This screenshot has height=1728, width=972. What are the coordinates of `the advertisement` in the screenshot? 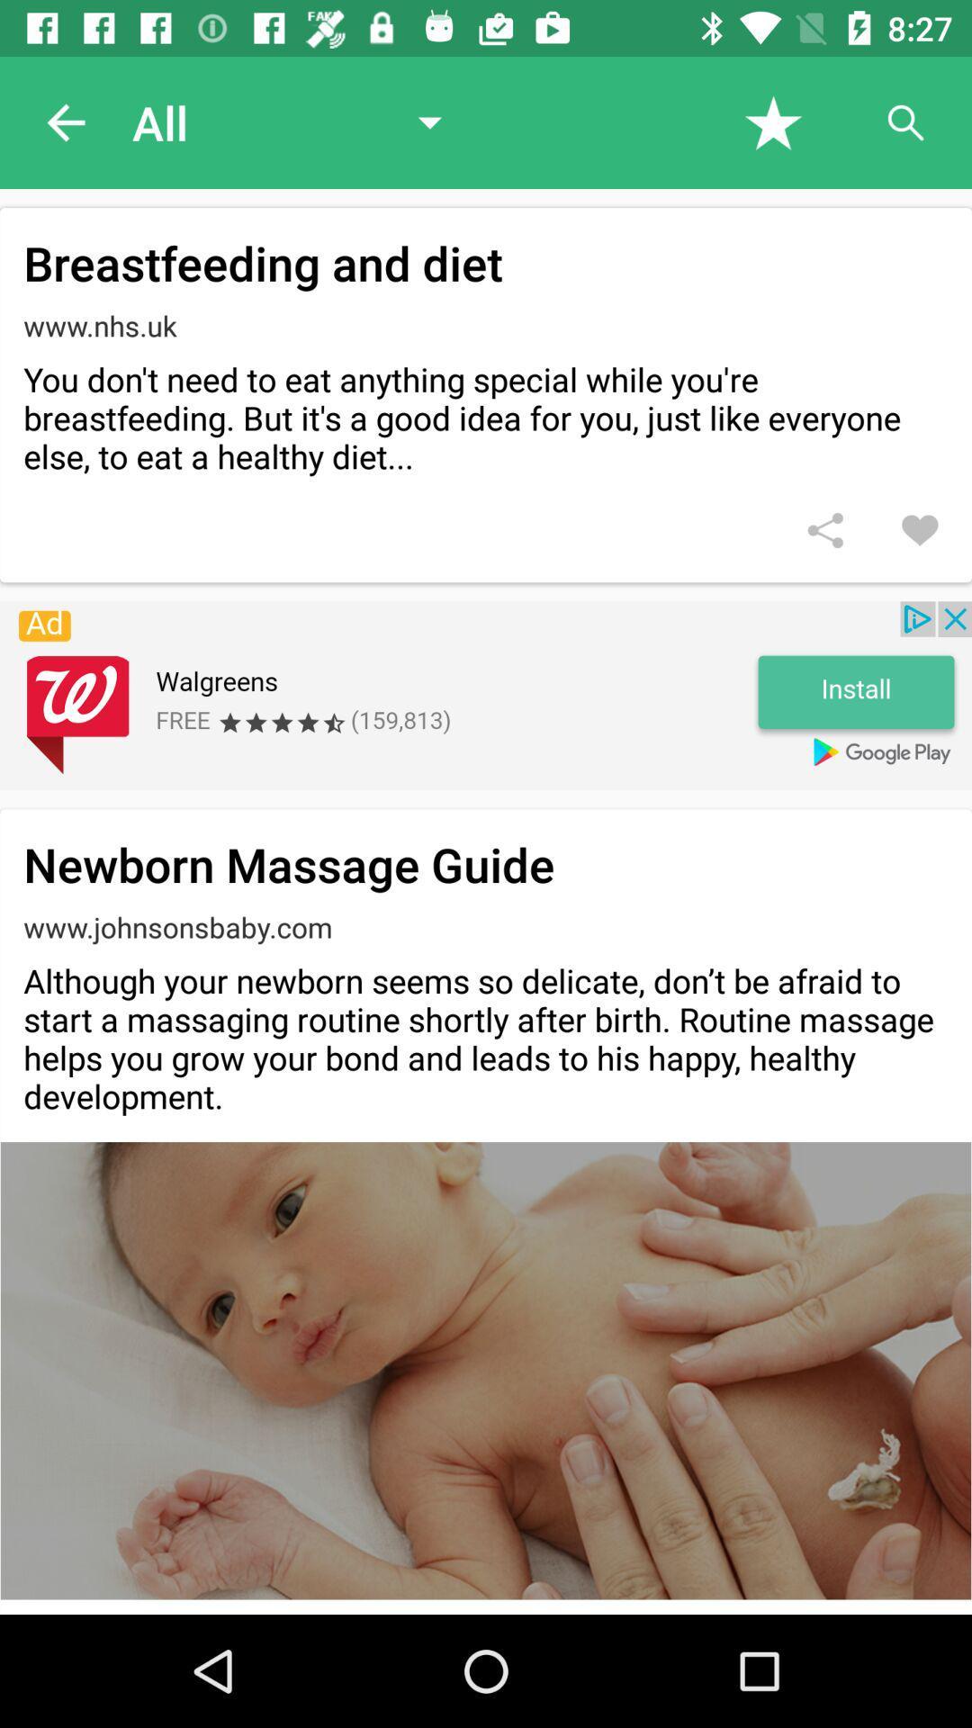 It's located at (486, 695).